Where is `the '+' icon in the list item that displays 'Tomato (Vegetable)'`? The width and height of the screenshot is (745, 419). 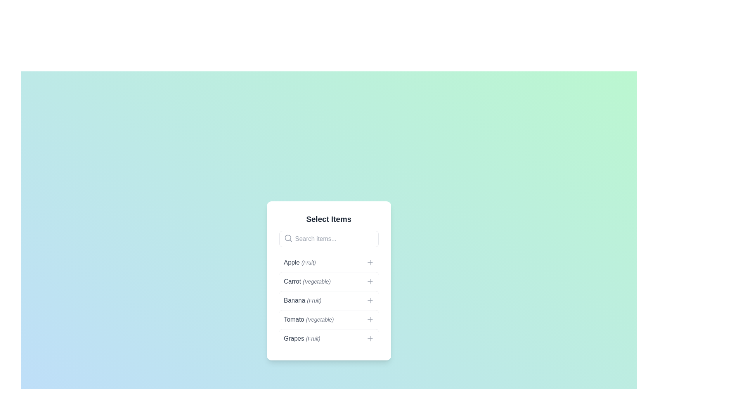 the '+' icon in the list item that displays 'Tomato (Vegetable)' is located at coordinates (329, 319).